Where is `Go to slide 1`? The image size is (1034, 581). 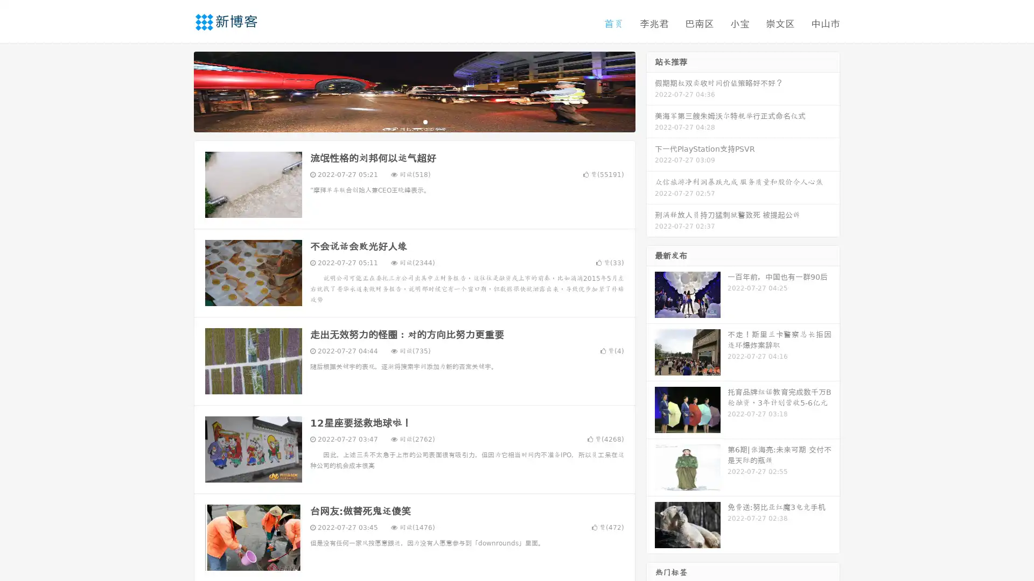
Go to slide 1 is located at coordinates (403, 121).